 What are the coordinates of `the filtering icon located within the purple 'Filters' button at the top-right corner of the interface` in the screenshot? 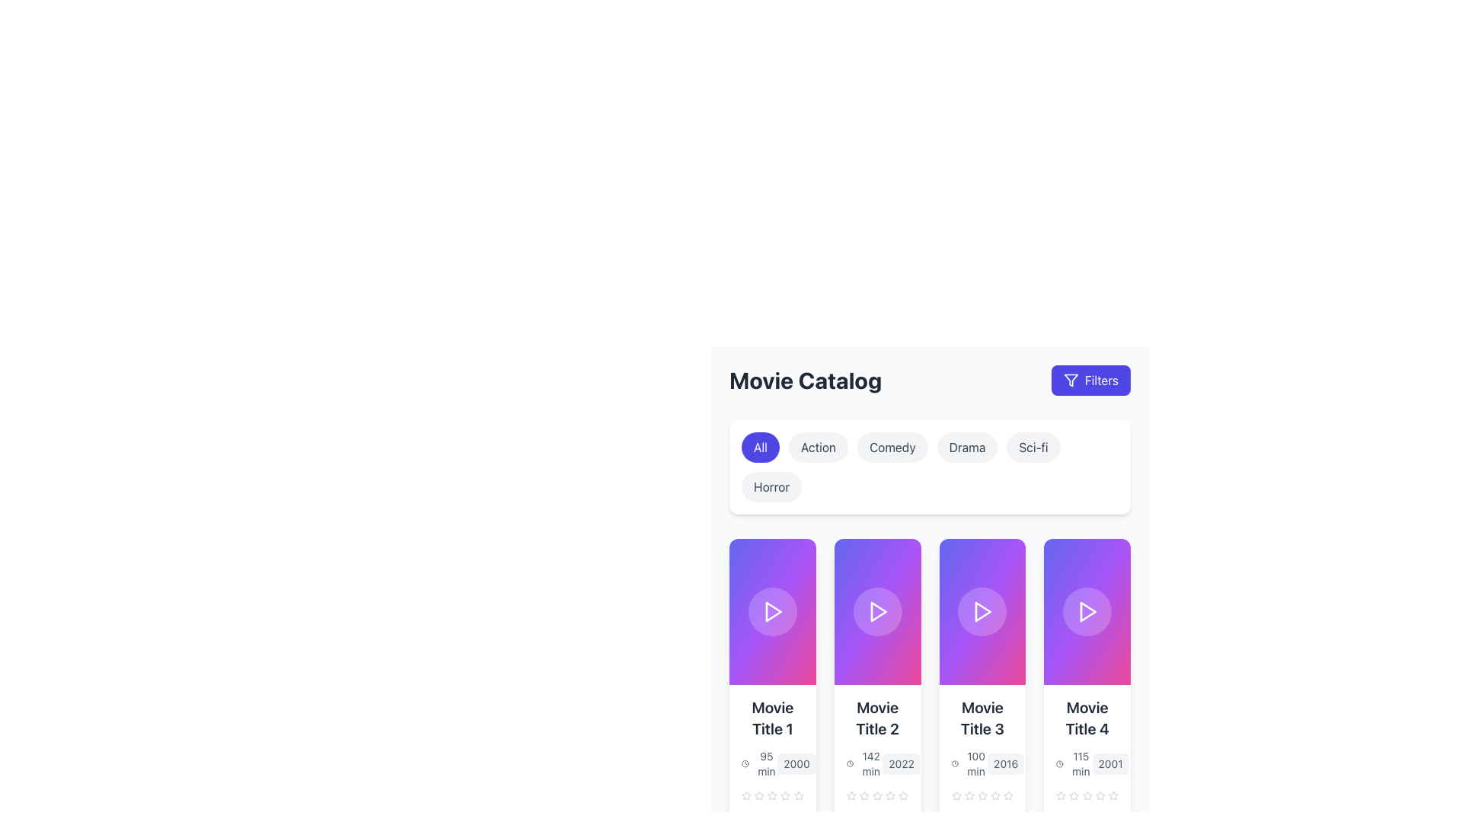 It's located at (1070, 380).